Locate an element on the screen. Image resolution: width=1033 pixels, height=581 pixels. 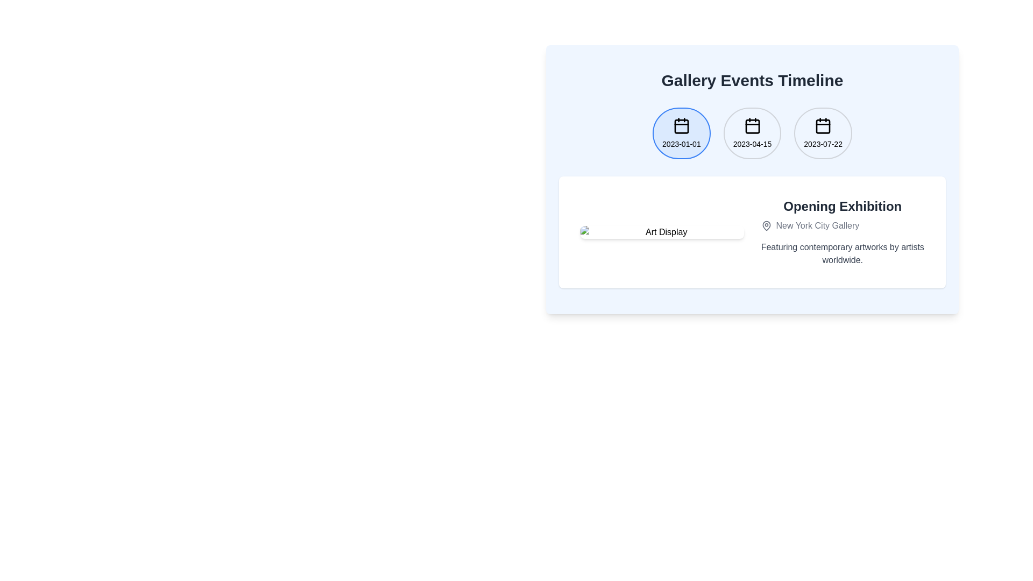
the calendar icon located within the blue-bordered button for the January 1, 2023 event in the 'Gallery Events Timeline' section to focus on the corresponding date event is located at coordinates (681, 125).